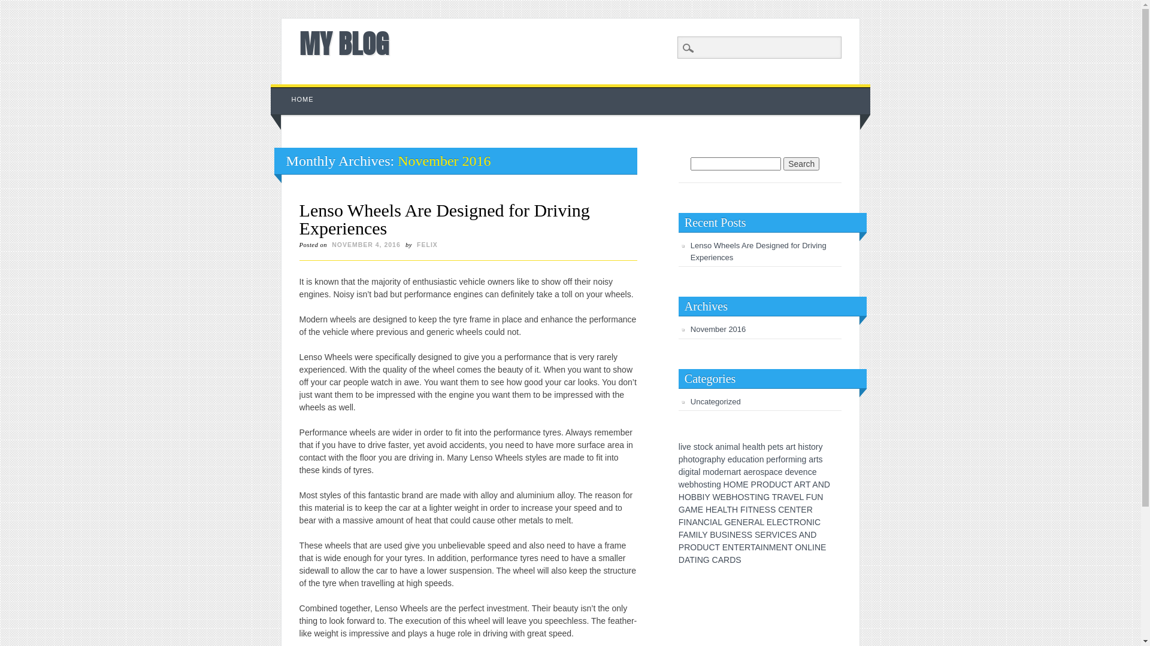 Image resolution: width=1150 pixels, height=646 pixels. I want to click on 's', so click(781, 447).